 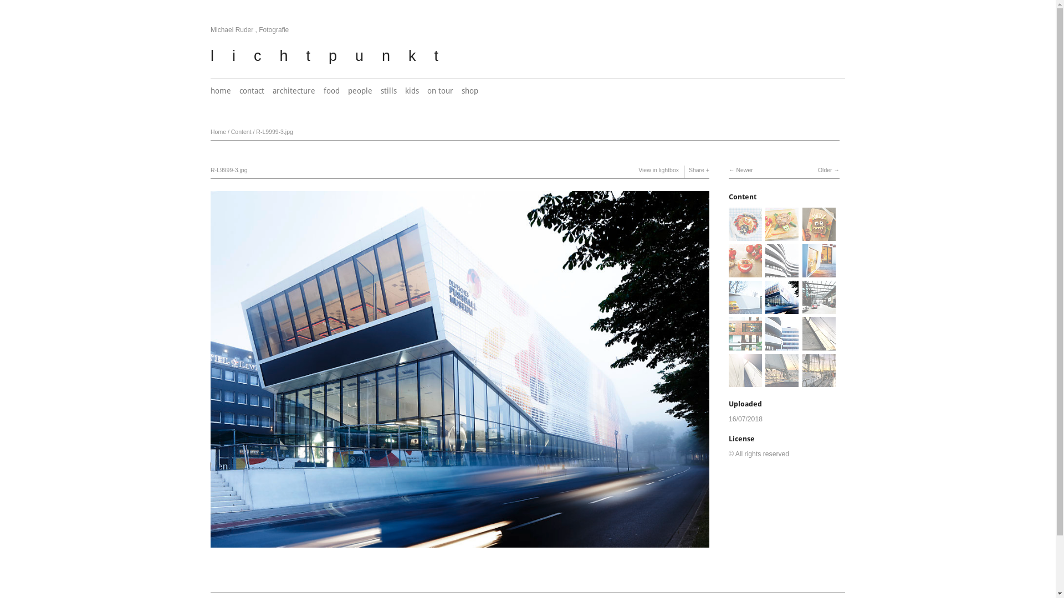 I want to click on 'architecture', so click(x=294, y=90).